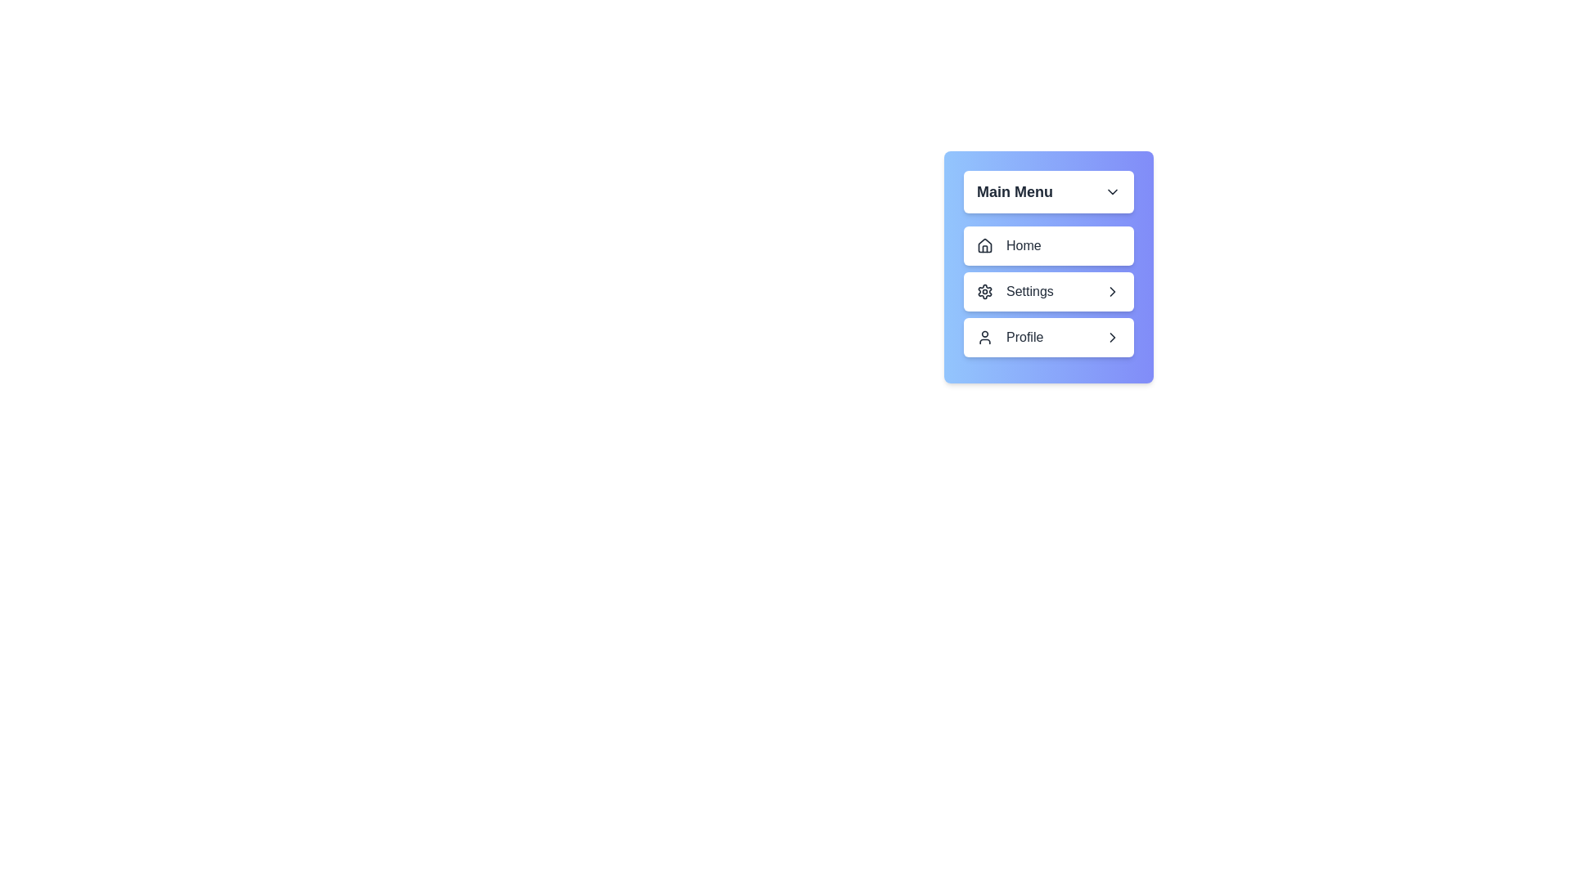 The width and height of the screenshot is (1571, 883). Describe the element at coordinates (1048, 291) in the screenshot. I see `the submenu option Privacy under the menu item Settings` at that location.